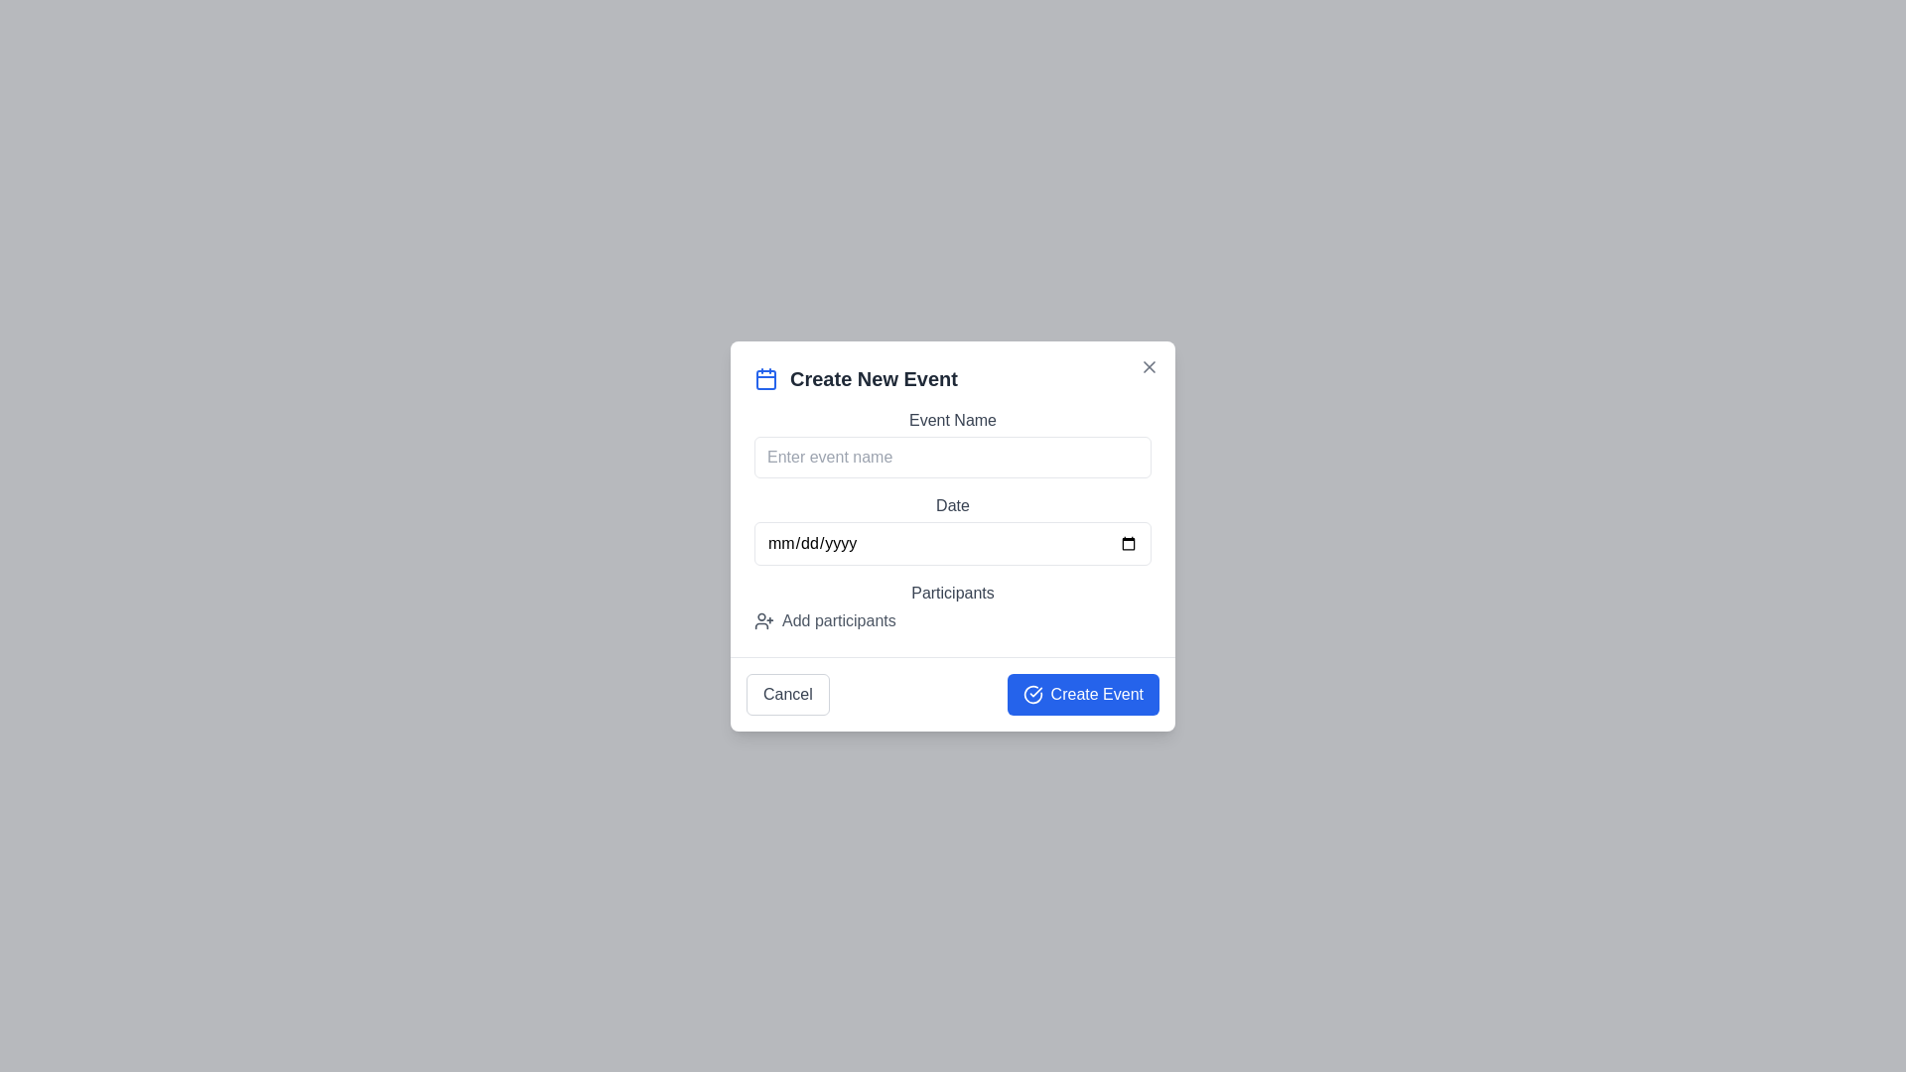 The image size is (1906, 1072). What do you see at coordinates (762, 618) in the screenshot?
I see `the 'Add participants' icon located to the left of the 'Add participants' text in the user interface, which serves as a visual cue for adding participants` at bounding box center [762, 618].